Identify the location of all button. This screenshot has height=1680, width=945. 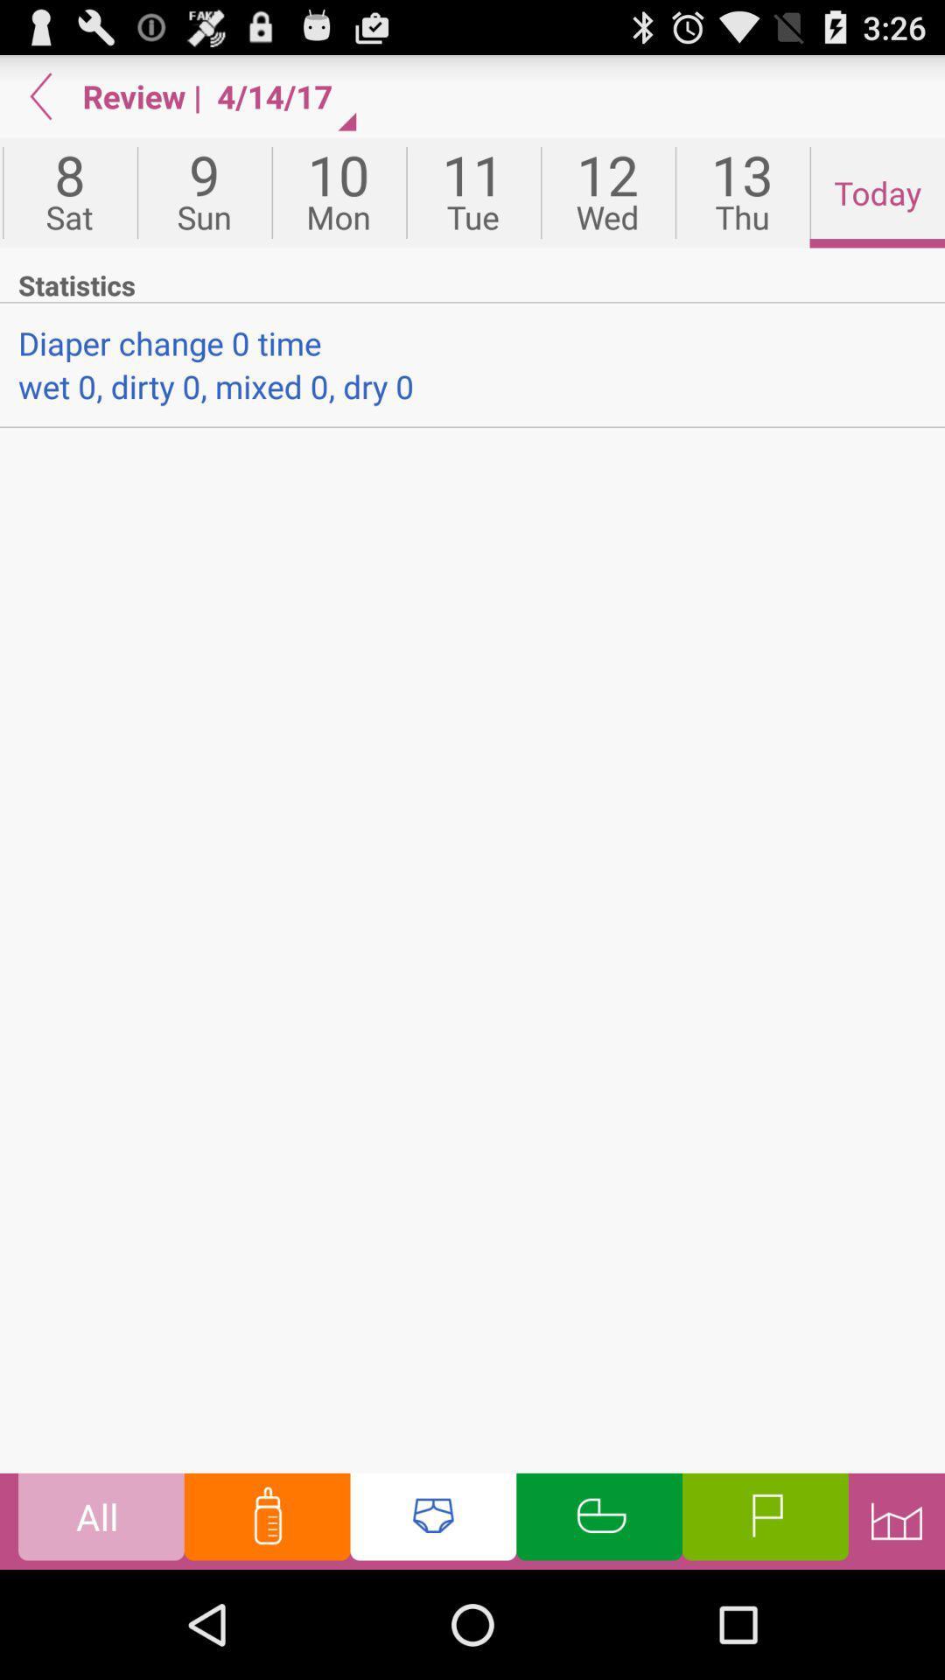
(101, 1520).